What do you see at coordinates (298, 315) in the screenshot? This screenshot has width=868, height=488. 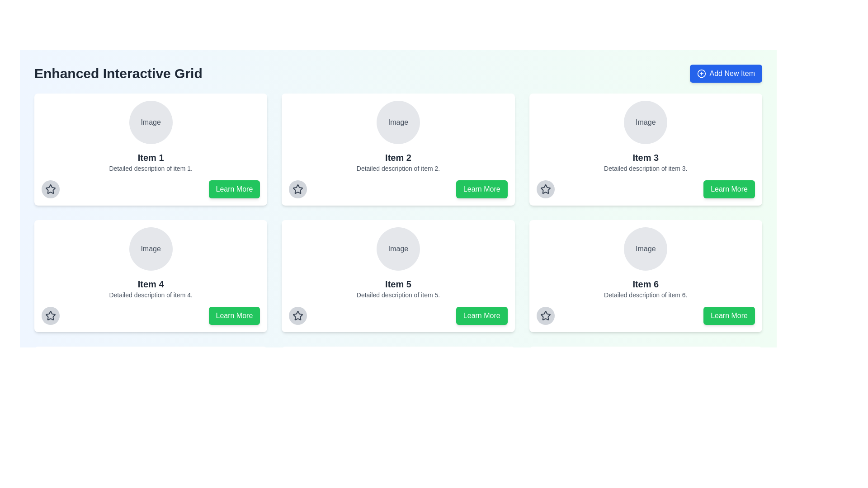 I see `the button with an icon located` at bounding box center [298, 315].